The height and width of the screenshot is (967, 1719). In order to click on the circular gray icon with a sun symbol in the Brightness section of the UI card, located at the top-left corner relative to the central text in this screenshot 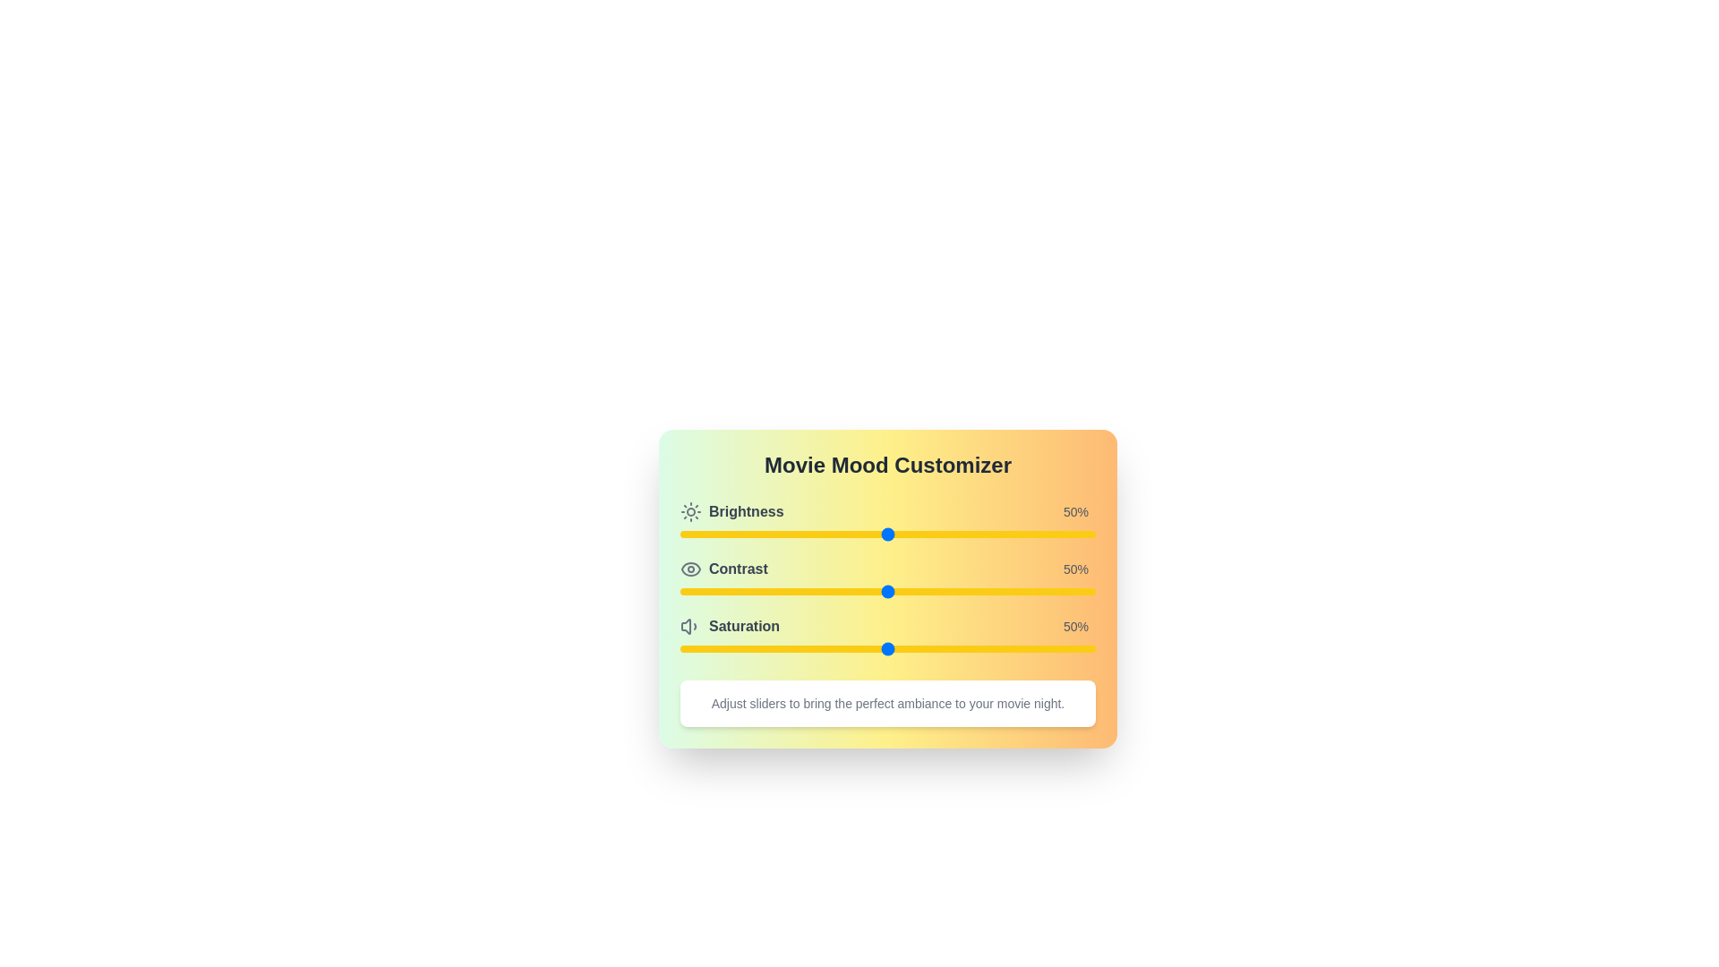, I will do `click(690, 511)`.